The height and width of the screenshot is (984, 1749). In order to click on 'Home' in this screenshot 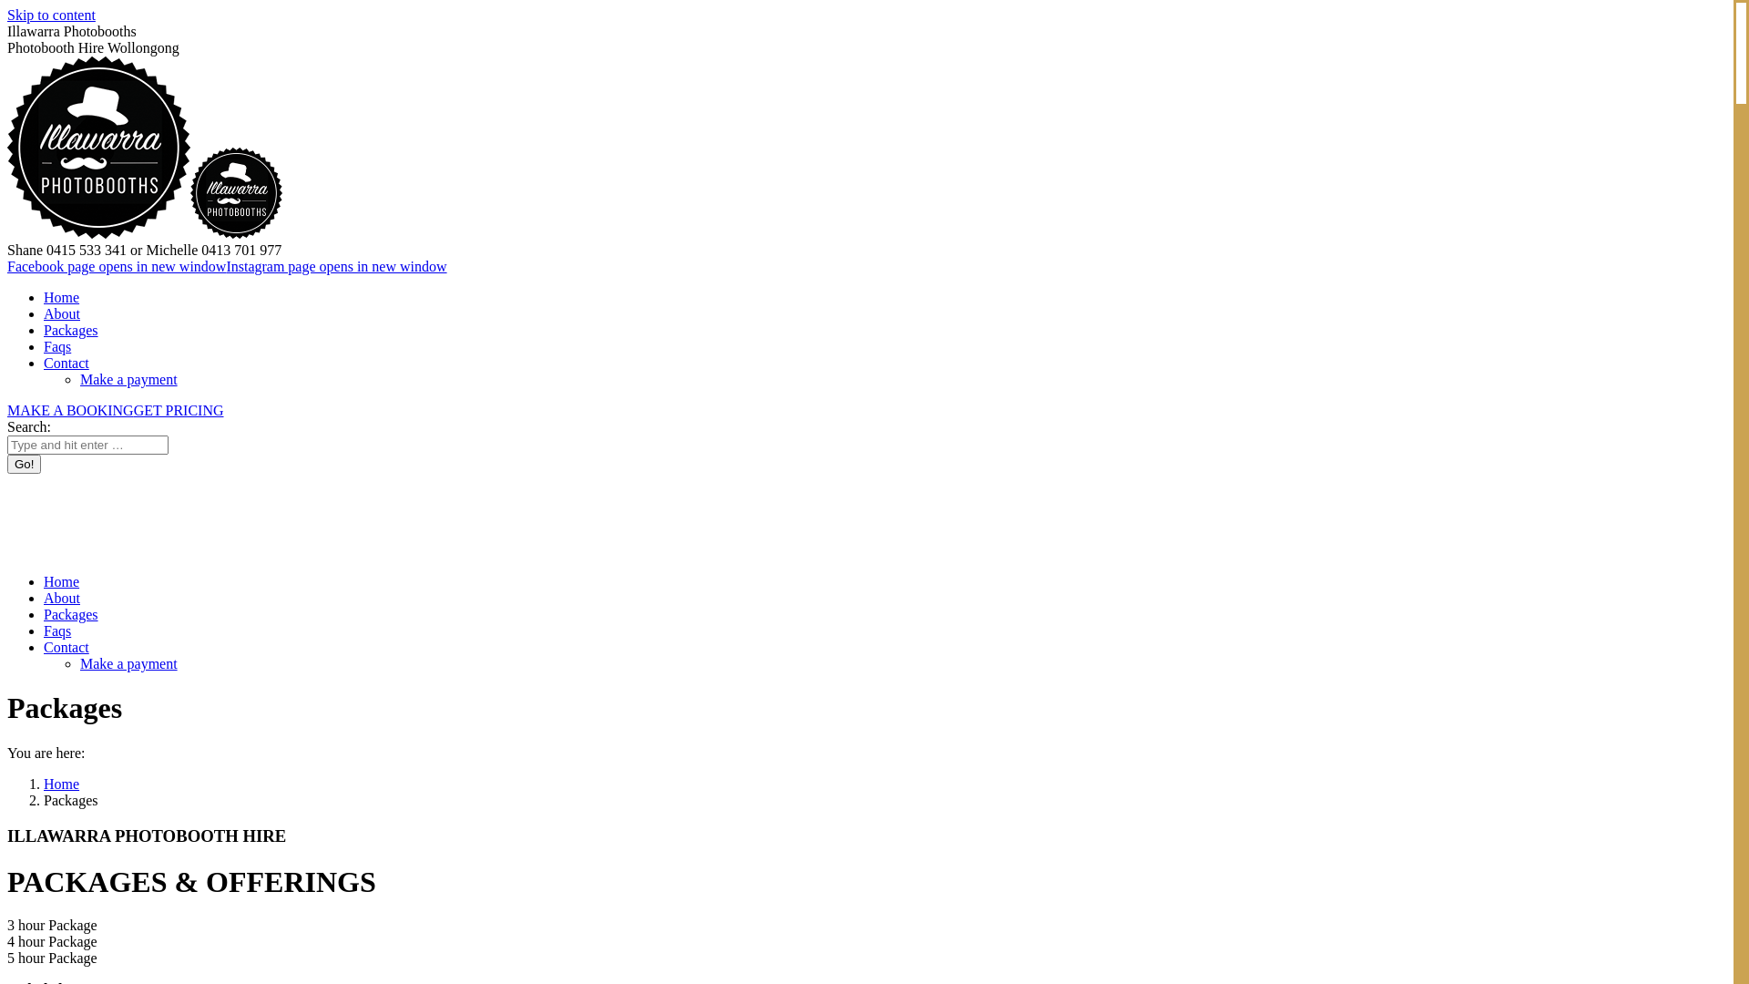, I will do `click(61, 581)`.